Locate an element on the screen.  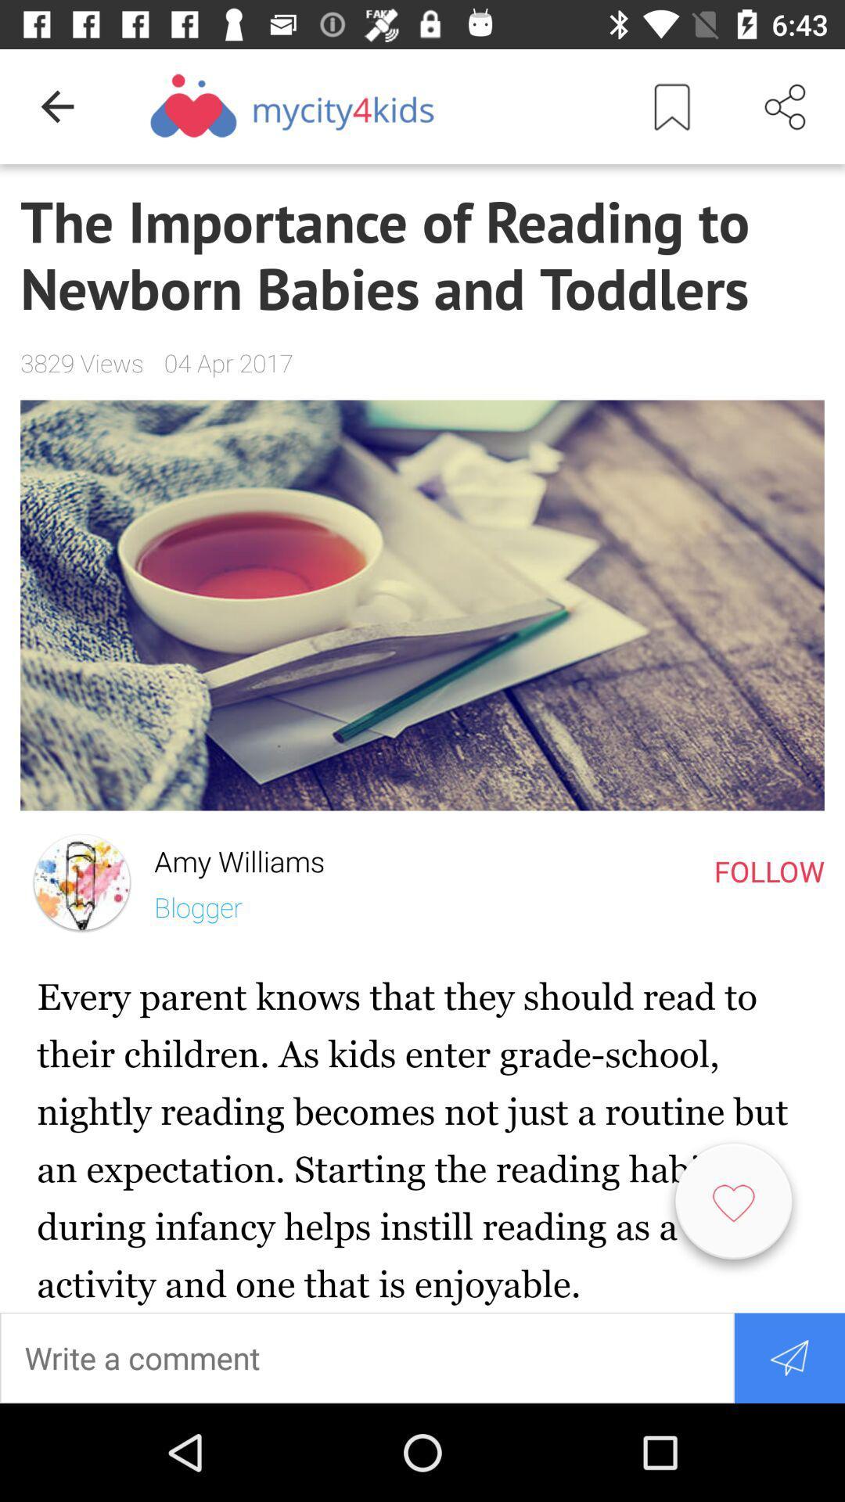
the item to the left of amy williams item is located at coordinates (82, 883).